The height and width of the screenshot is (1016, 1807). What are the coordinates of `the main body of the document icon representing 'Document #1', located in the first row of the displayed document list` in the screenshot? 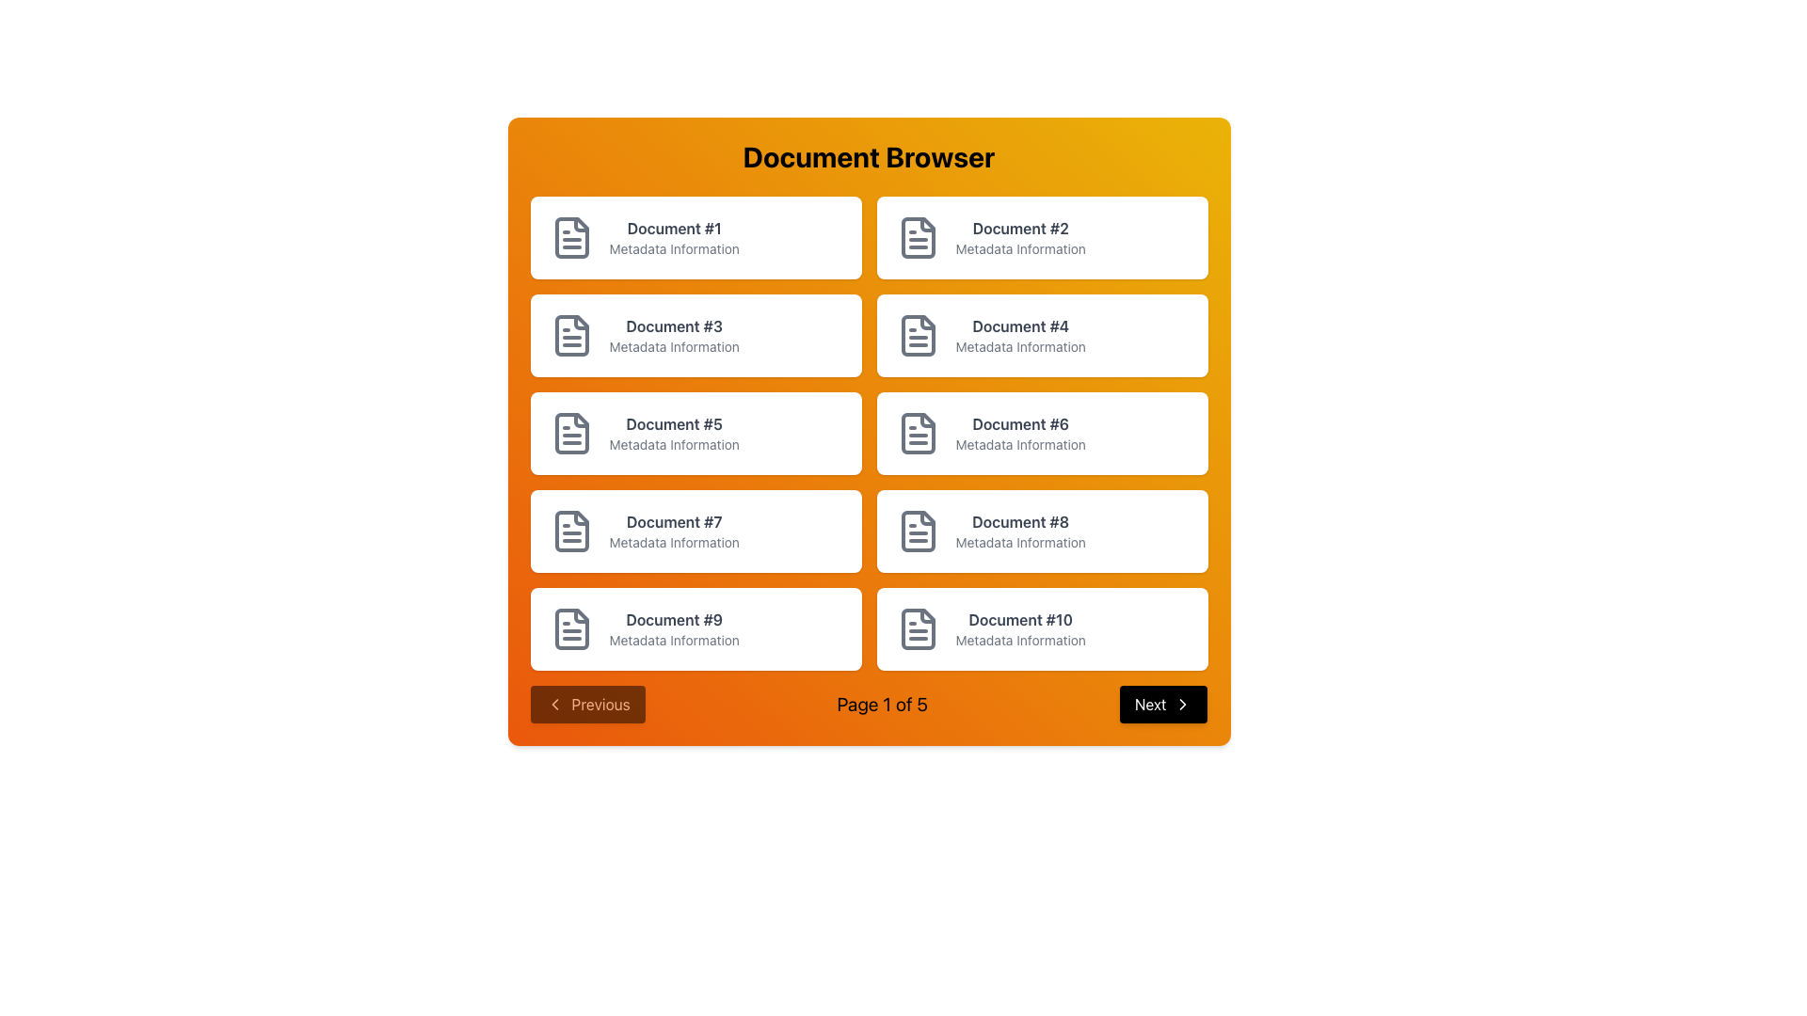 It's located at (570, 237).